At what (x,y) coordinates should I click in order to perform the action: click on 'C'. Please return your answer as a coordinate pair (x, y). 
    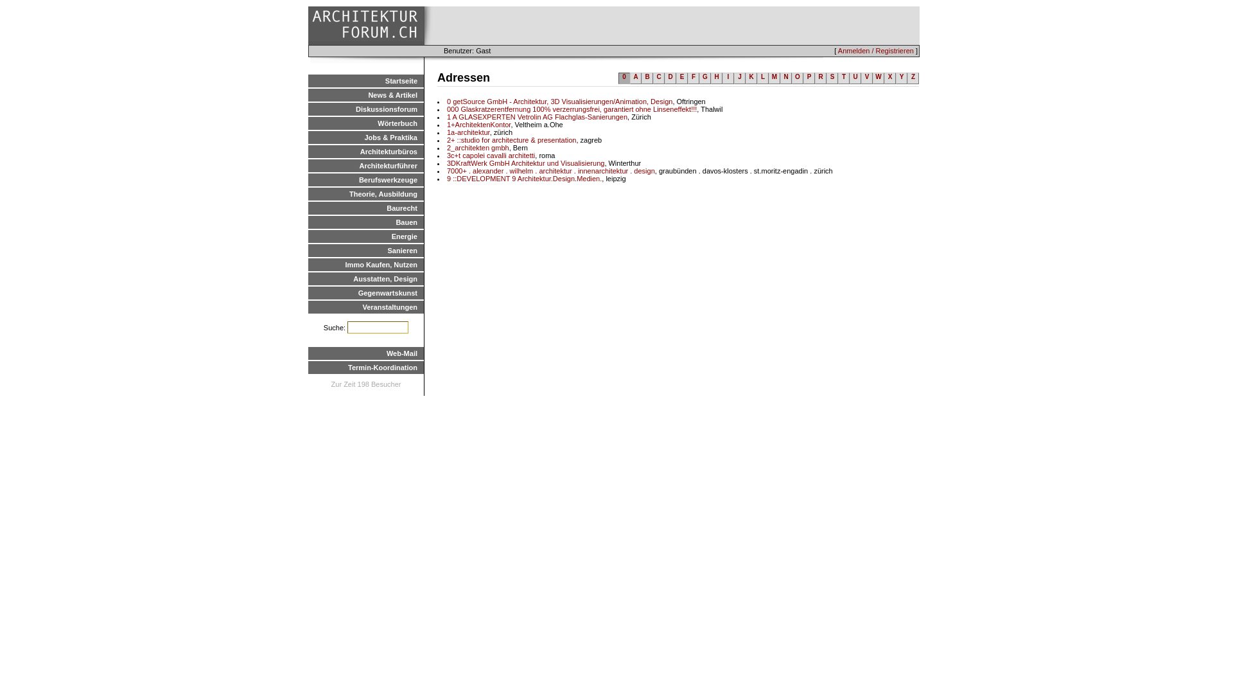
    Looking at the image, I should click on (653, 78).